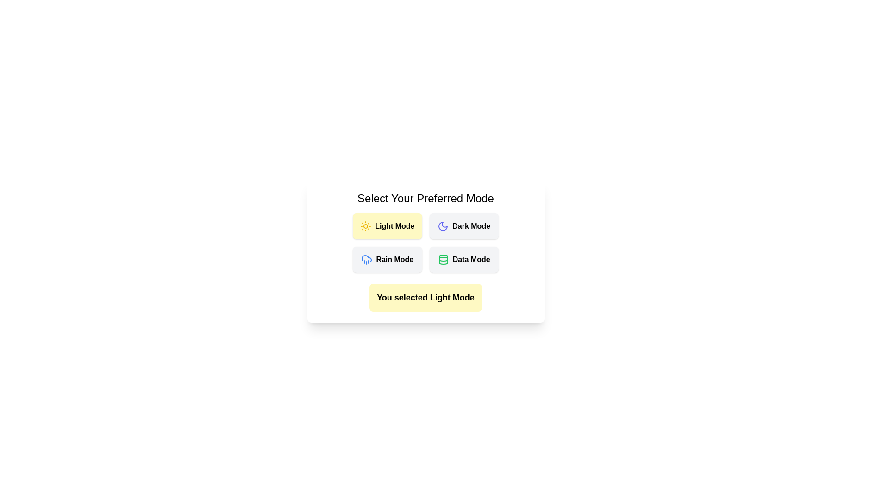  What do you see at coordinates (425, 298) in the screenshot?
I see `confirmation text label indicating 'Light Mode', which is centered below the mode selection buttons` at bounding box center [425, 298].